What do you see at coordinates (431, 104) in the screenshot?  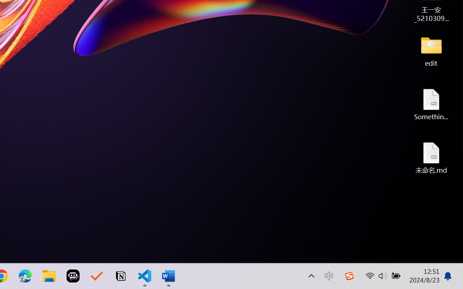 I see `'Something.md'` at bounding box center [431, 104].